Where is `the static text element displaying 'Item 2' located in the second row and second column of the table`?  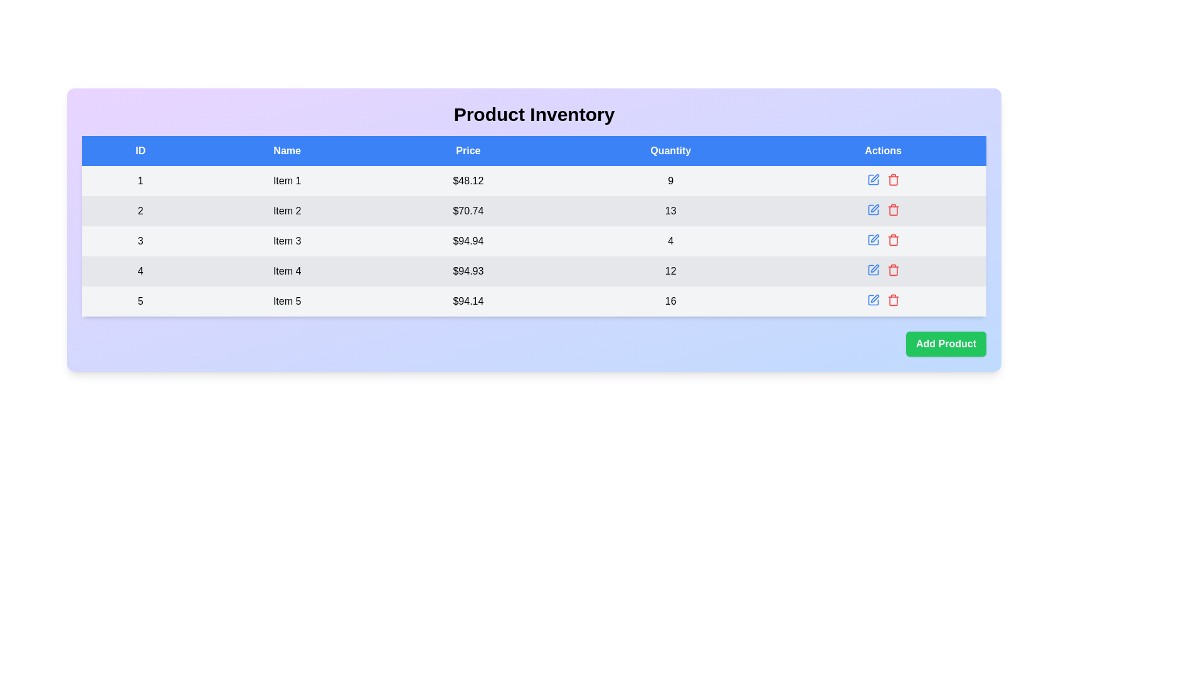
the static text element displaying 'Item 2' located in the second row and second column of the table is located at coordinates (287, 210).